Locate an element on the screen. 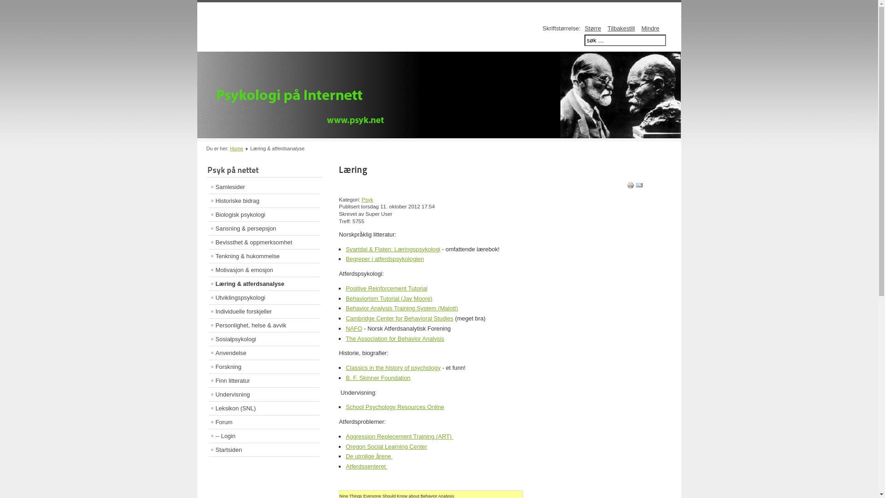 The width and height of the screenshot is (885, 498). 'Sosialpsykologi' is located at coordinates (264, 339).